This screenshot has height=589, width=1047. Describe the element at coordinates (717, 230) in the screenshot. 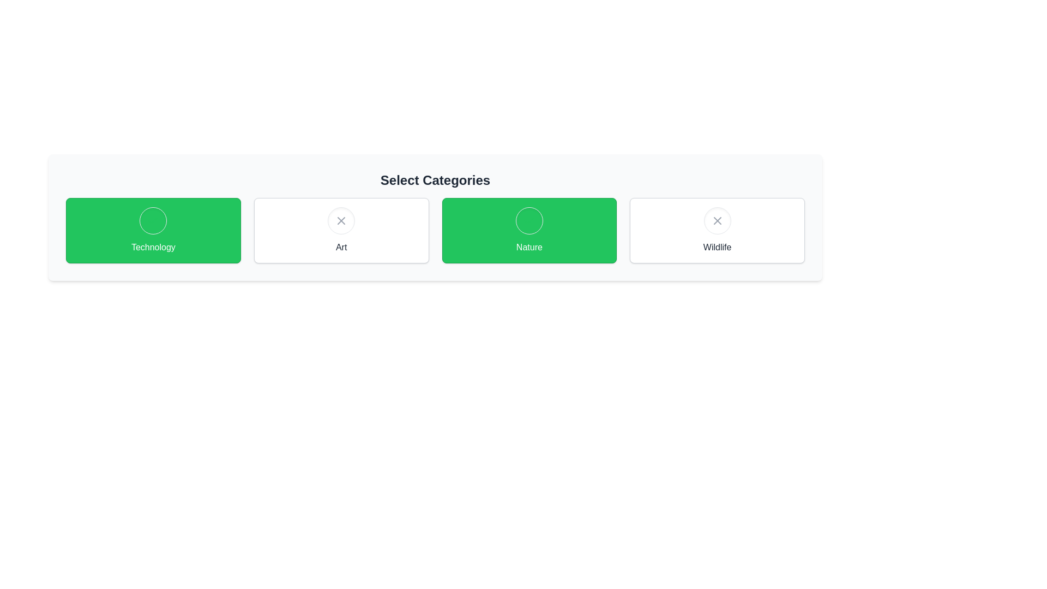

I see `the chip corresponding to the category Wildlife` at that location.